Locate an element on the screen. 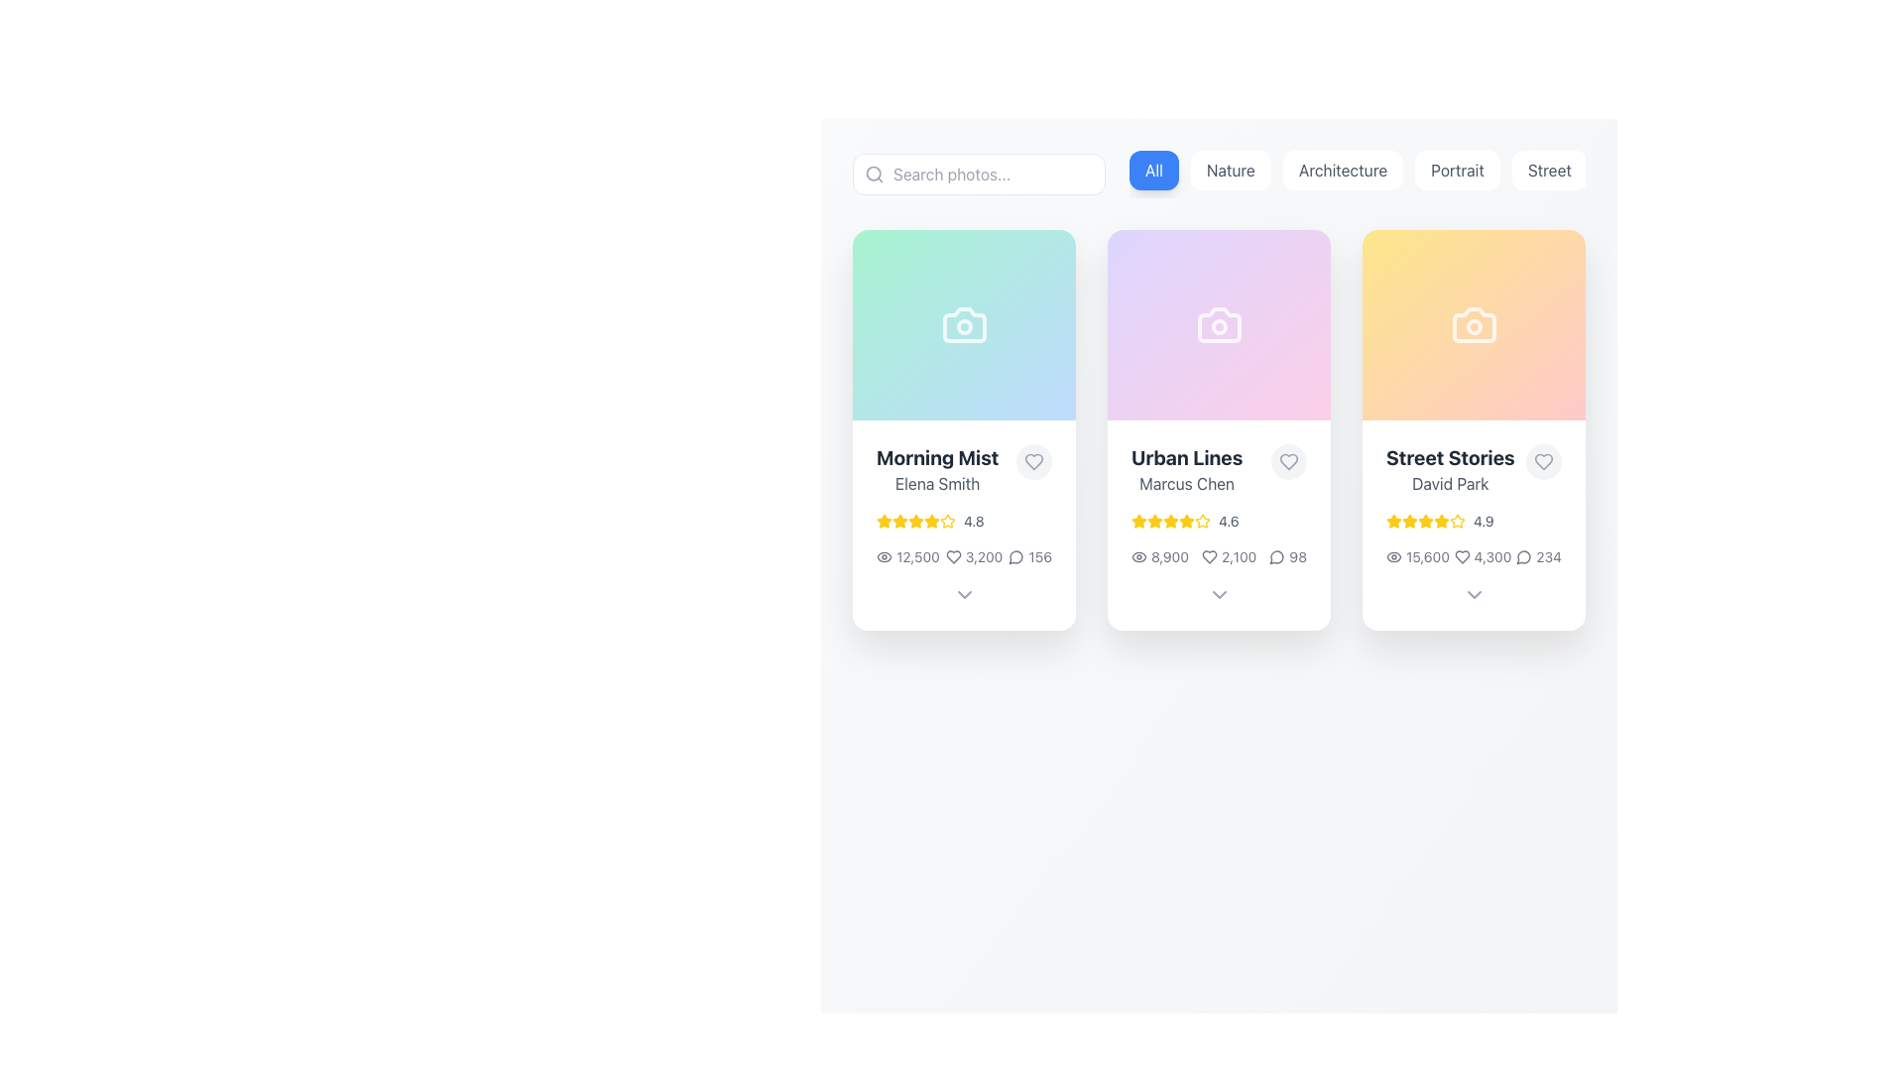 The width and height of the screenshot is (1904, 1071). first yellow star icon that represents a rating in the 'Street Stories' card, located near the center of the card under the title and above the 4.9 rating is located at coordinates (1393, 520).